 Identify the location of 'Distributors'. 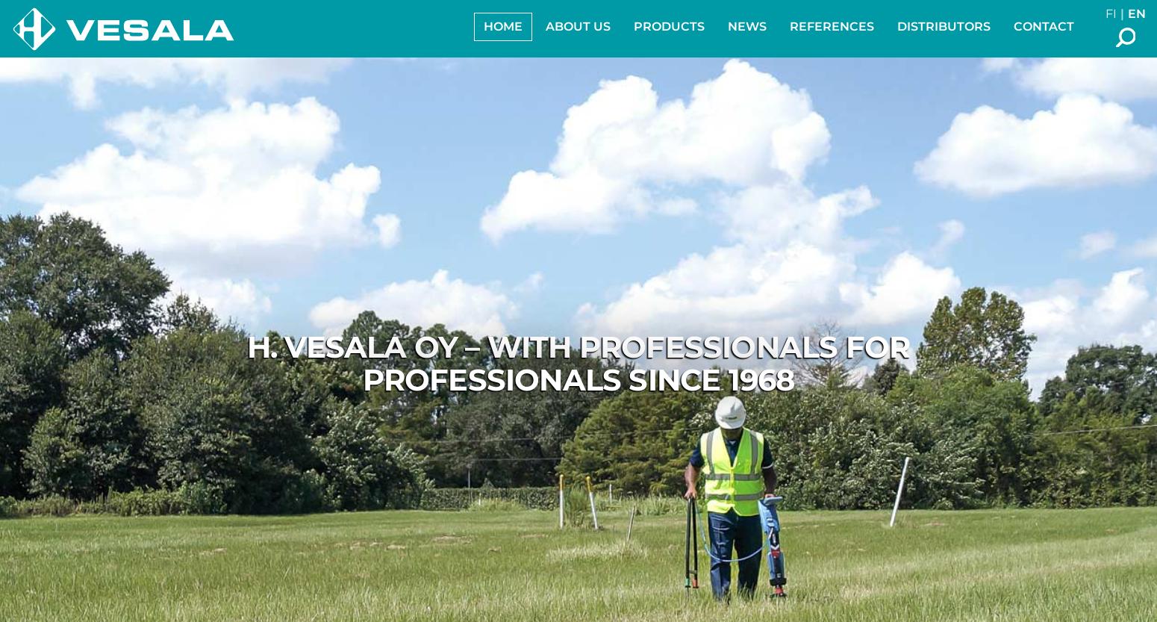
(897, 26).